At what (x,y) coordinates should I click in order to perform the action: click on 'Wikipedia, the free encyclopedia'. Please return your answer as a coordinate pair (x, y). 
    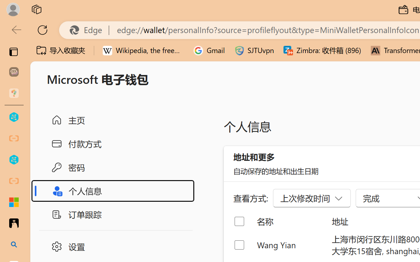
    Looking at the image, I should click on (143, 50).